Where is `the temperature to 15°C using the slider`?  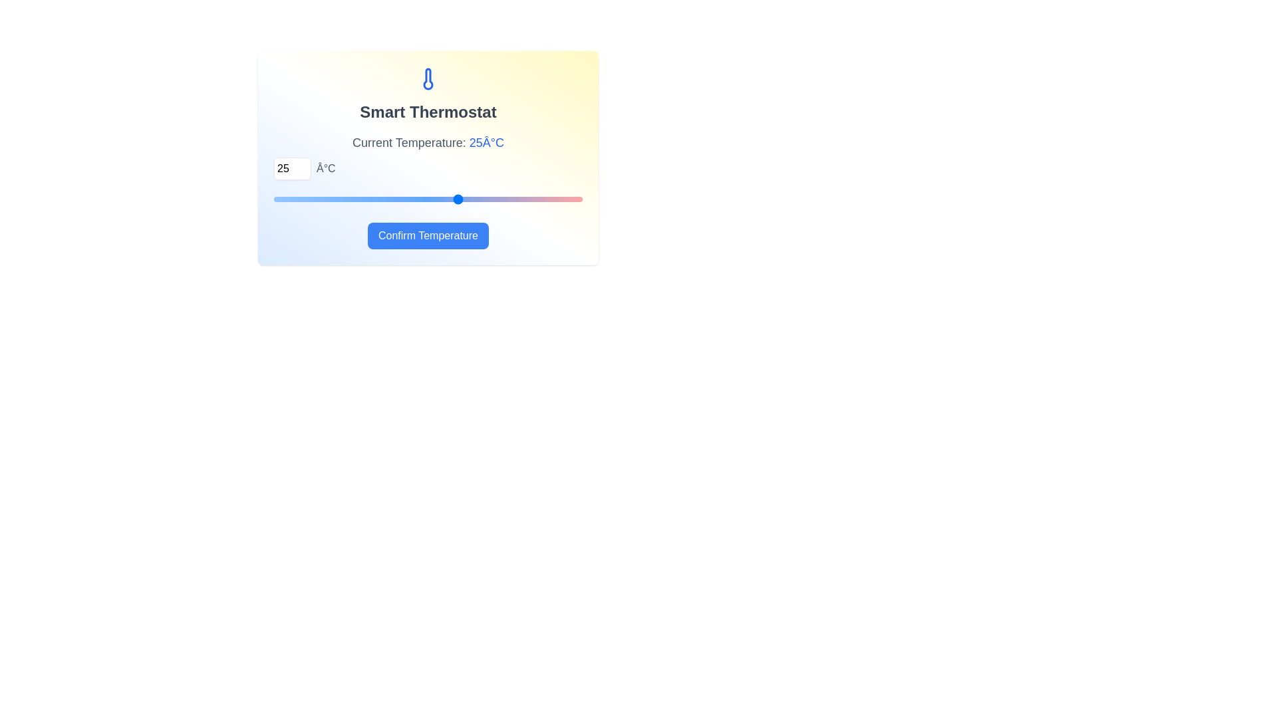 the temperature to 15°C using the slider is located at coordinates (335, 199).